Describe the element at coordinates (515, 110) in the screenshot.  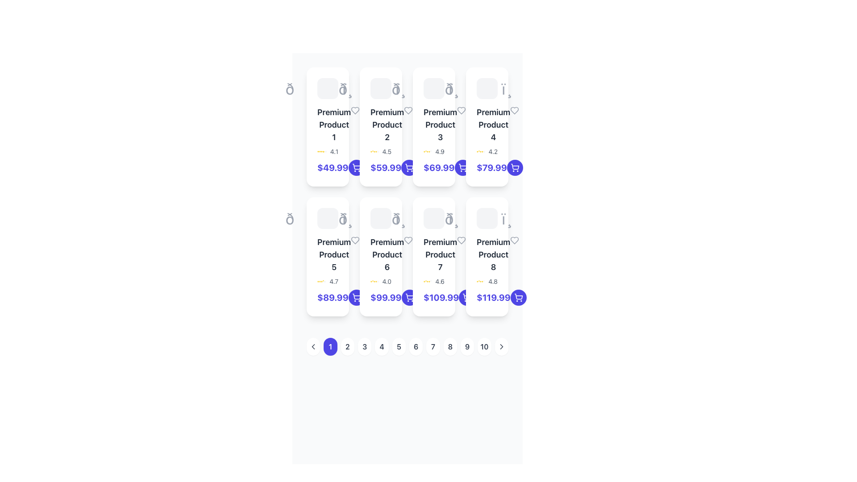
I see `the heart outline icon in the top-right corner of the fourth product card labeled 'Premium Product 4' to mark the product as a favorite` at that location.